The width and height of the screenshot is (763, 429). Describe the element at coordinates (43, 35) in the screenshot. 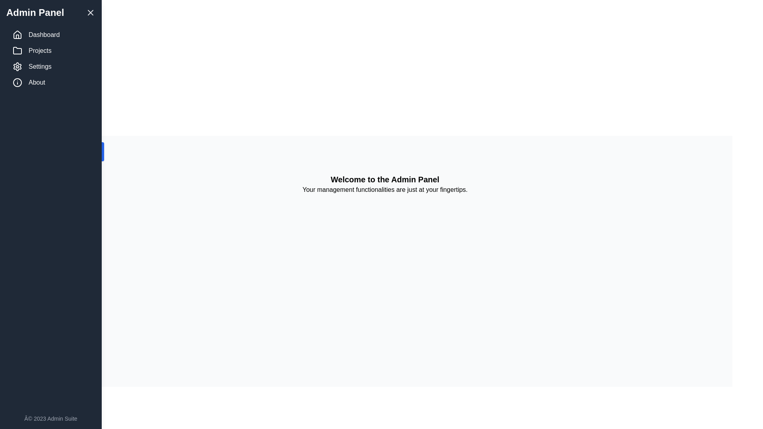

I see `the 'Dashboard' menu label located in the left sidebar under the 'Admin Panel' heading` at that location.